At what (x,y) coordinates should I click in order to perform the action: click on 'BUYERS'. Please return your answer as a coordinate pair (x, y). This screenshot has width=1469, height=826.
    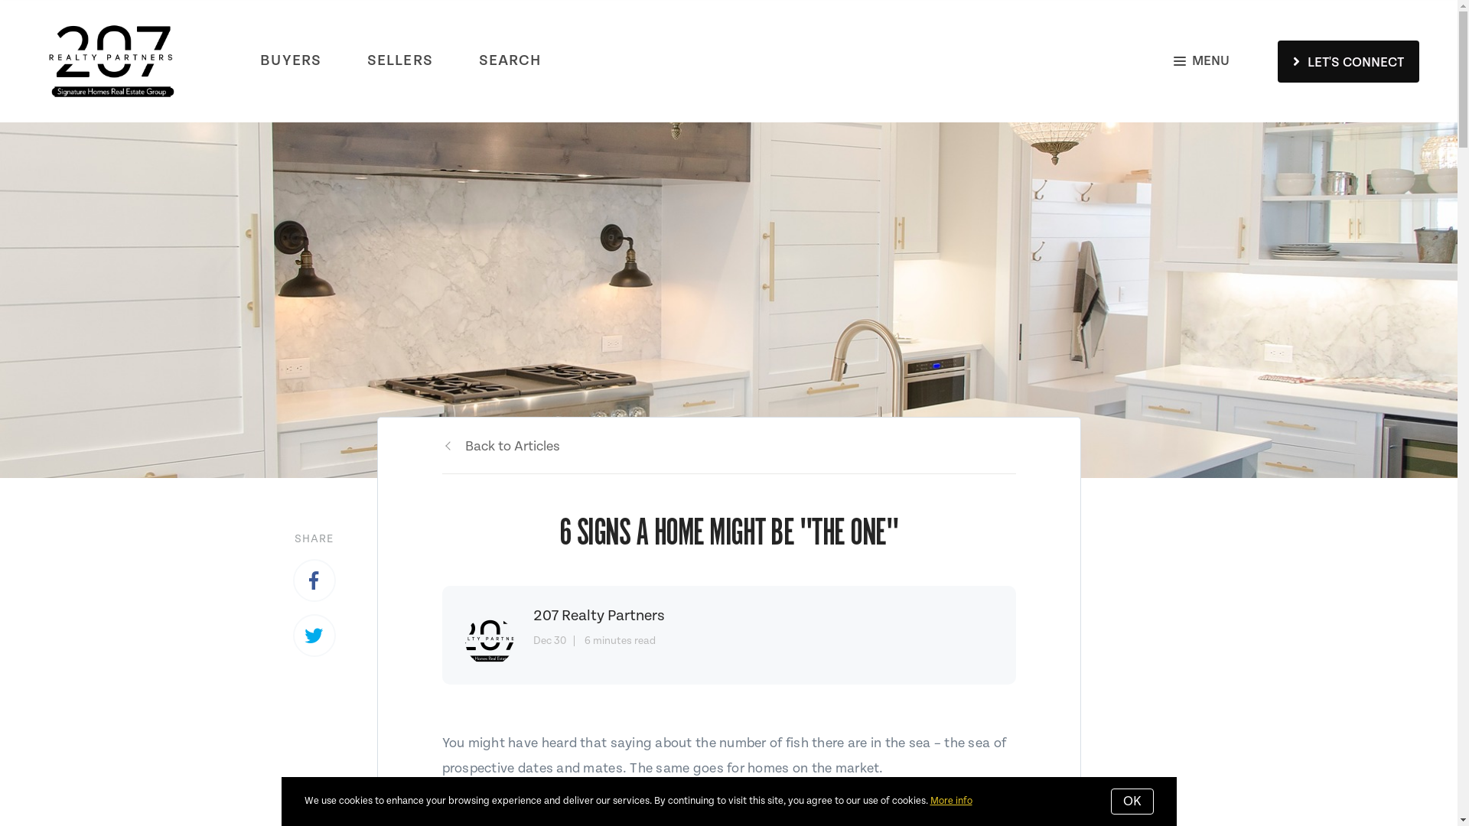
    Looking at the image, I should click on (290, 60).